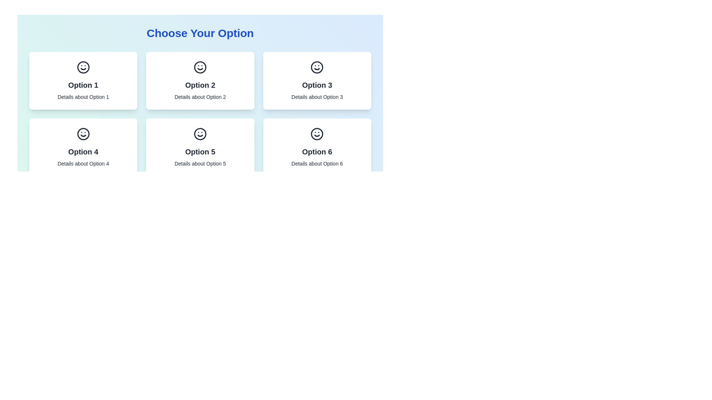  What do you see at coordinates (83, 85) in the screenshot?
I see `the text label 'Option 1' located at the top-center of the first card in a 2x3 grid layout` at bounding box center [83, 85].